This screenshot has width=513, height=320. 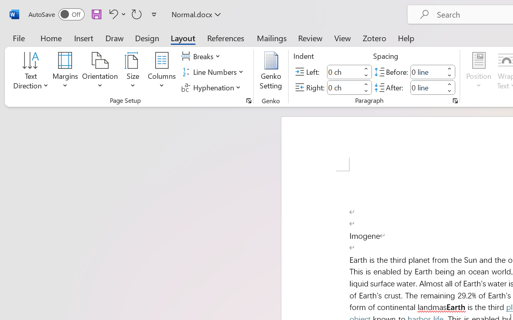 I want to click on 'More', so click(x=449, y=84).